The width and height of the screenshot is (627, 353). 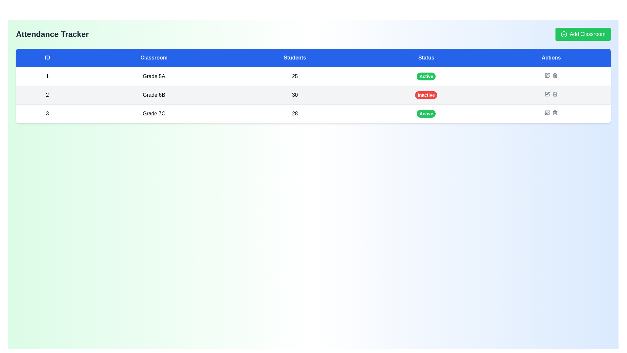 I want to click on the 'Active' status badge located in the 'Status' column of the third row in the table for the entry 'Grade 7C' under 'Classroom', so click(x=426, y=113).